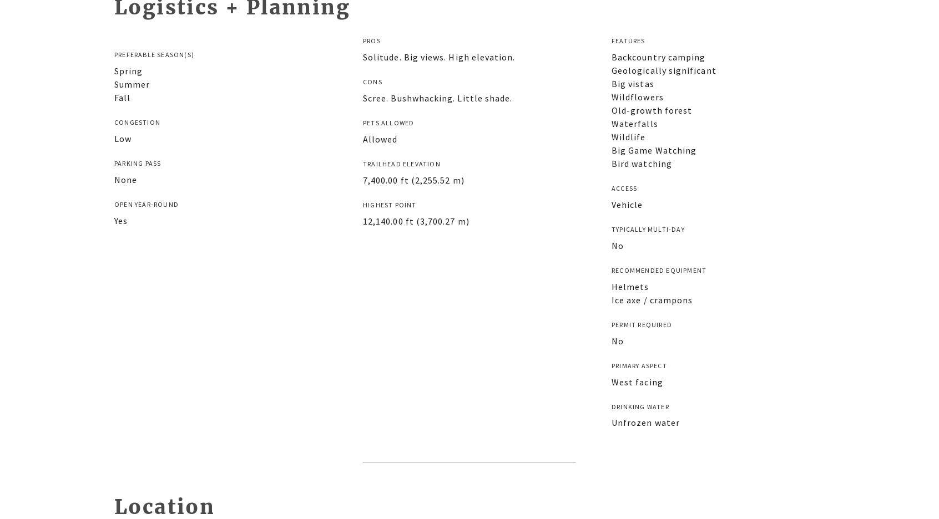  What do you see at coordinates (380, 138) in the screenshot?
I see `'Allowed'` at bounding box center [380, 138].